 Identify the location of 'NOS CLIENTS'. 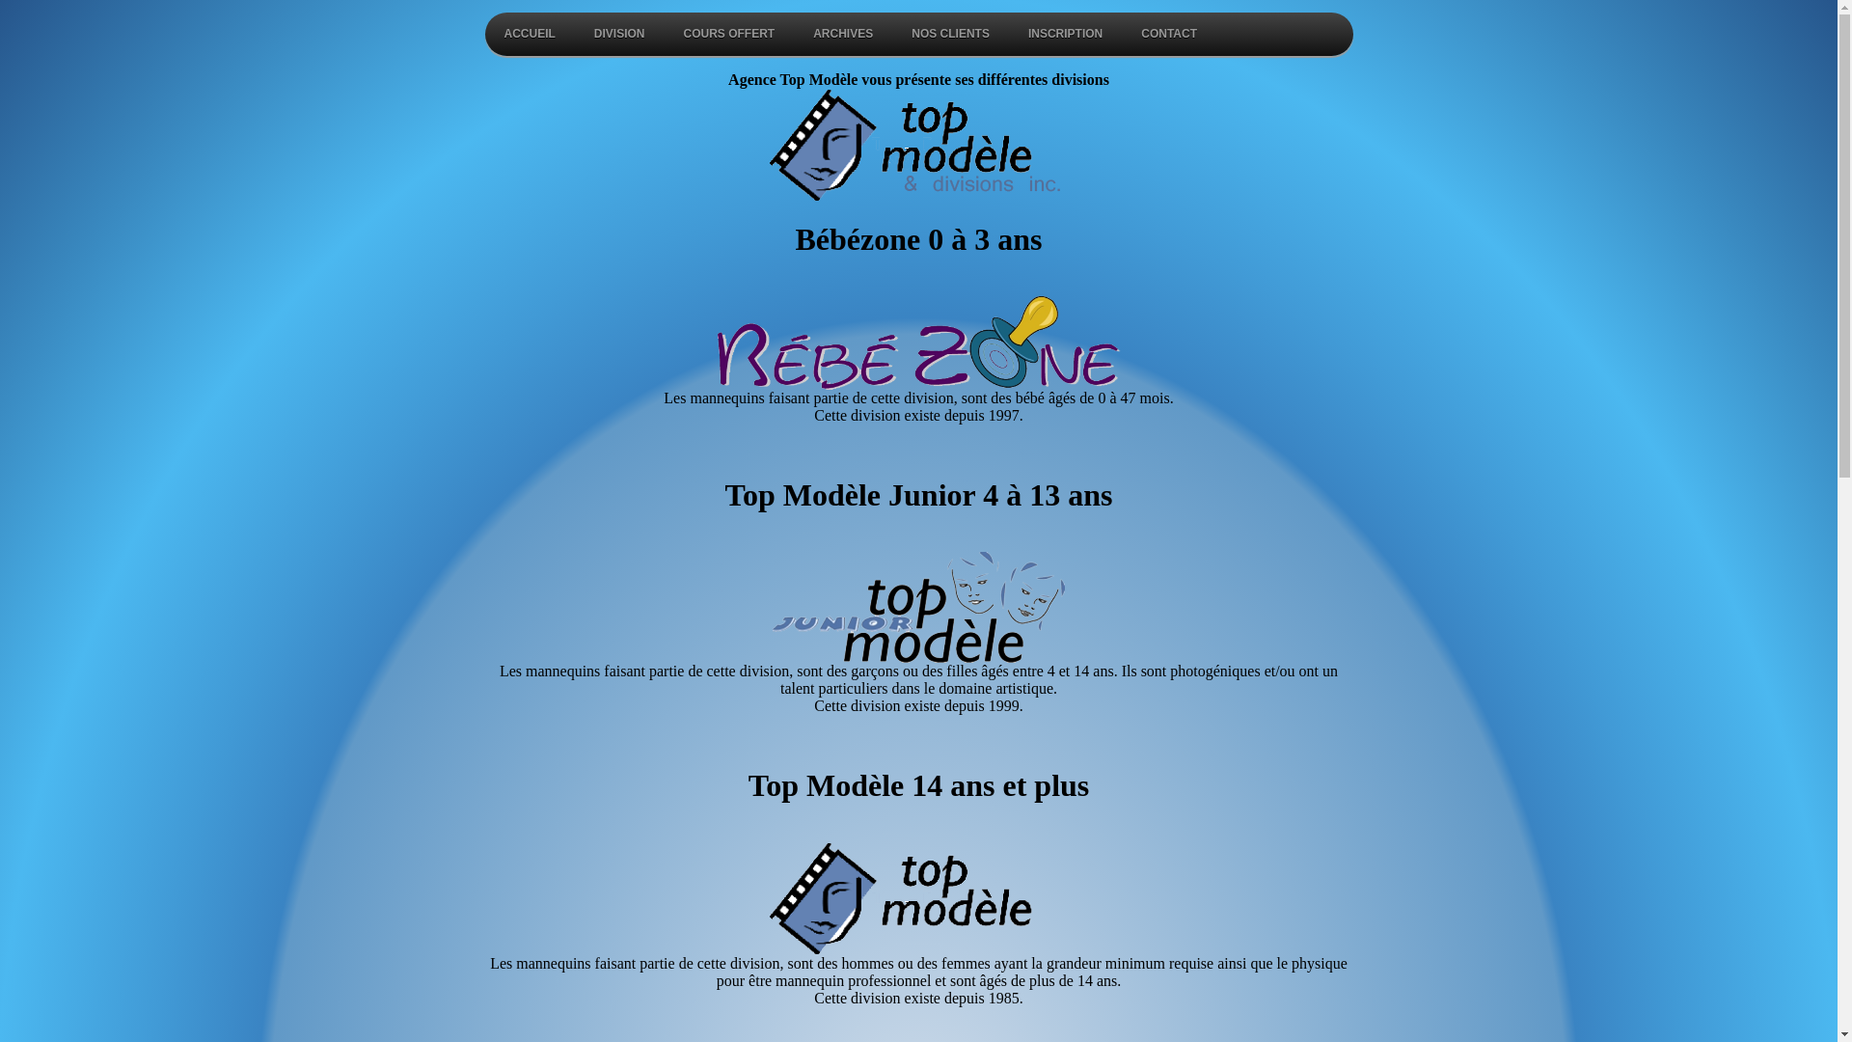
(950, 34).